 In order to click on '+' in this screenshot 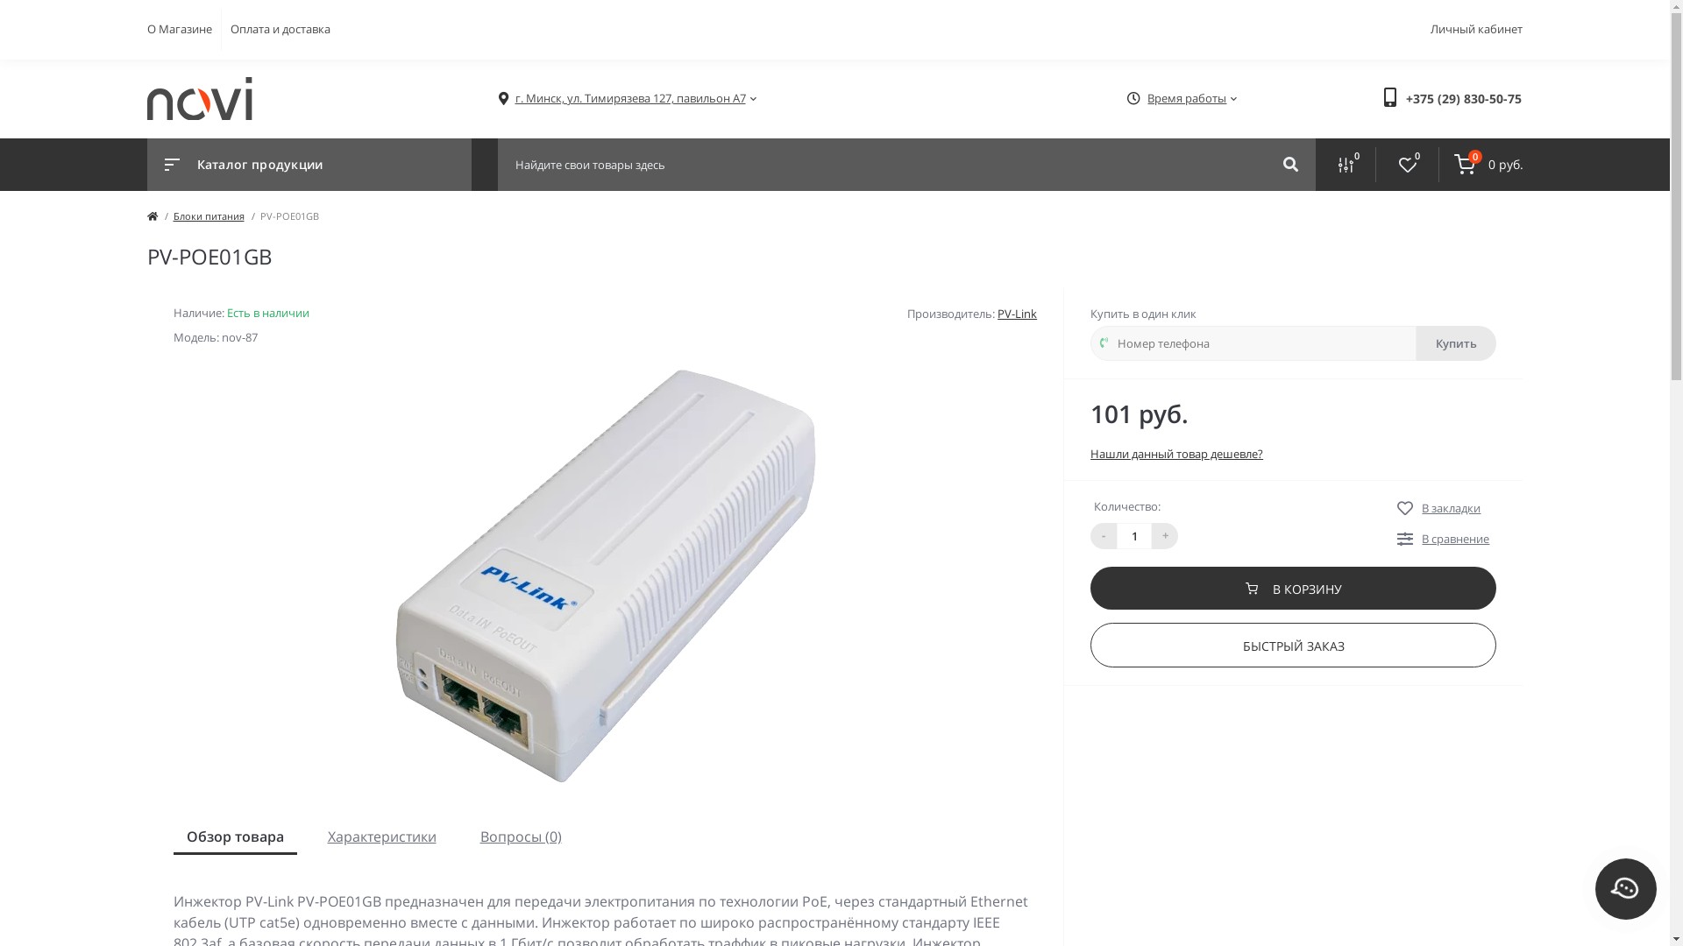, I will do `click(1152, 533)`.